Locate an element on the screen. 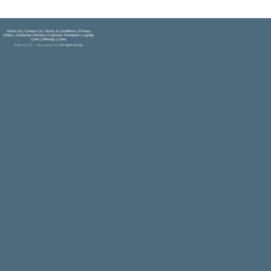 Image resolution: width=271 pixels, height=271 pixels. 'Build 3.11.25' is located at coordinates (23, 45).